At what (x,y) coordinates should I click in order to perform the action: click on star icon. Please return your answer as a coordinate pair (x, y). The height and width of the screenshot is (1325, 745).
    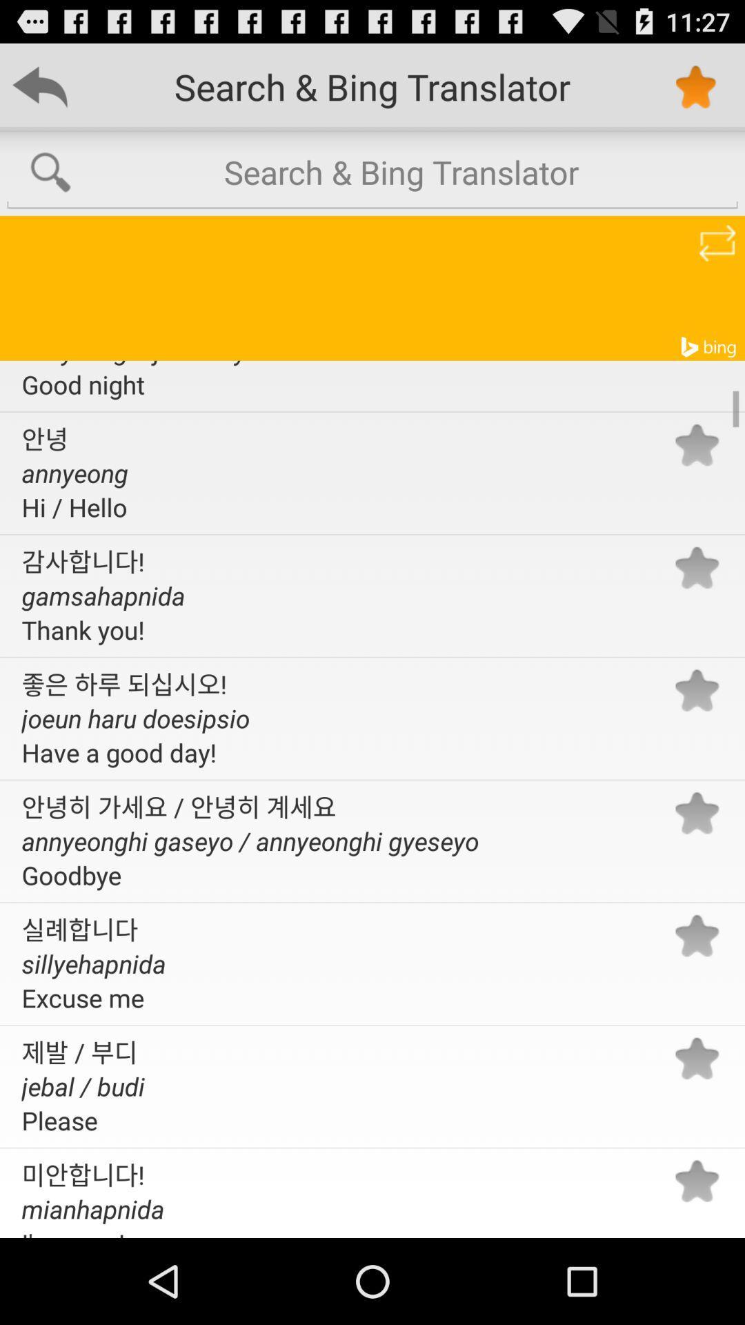
    Looking at the image, I should click on (696, 86).